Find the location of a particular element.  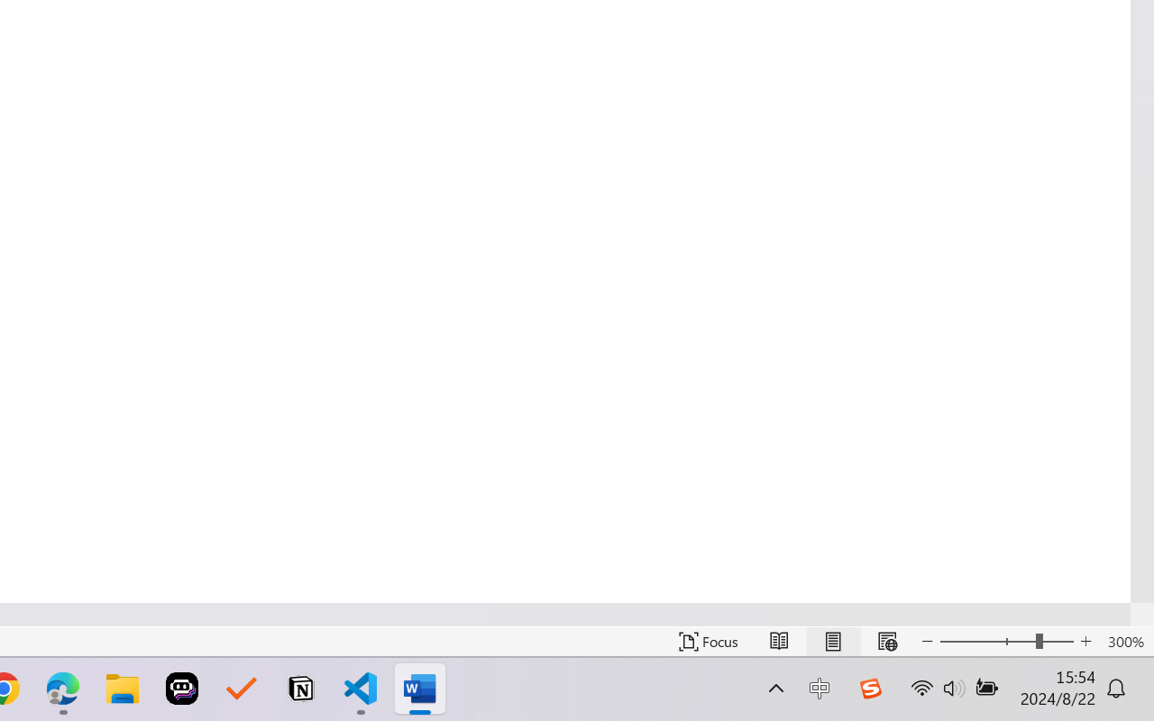

'Web Layout' is located at coordinates (887, 641).